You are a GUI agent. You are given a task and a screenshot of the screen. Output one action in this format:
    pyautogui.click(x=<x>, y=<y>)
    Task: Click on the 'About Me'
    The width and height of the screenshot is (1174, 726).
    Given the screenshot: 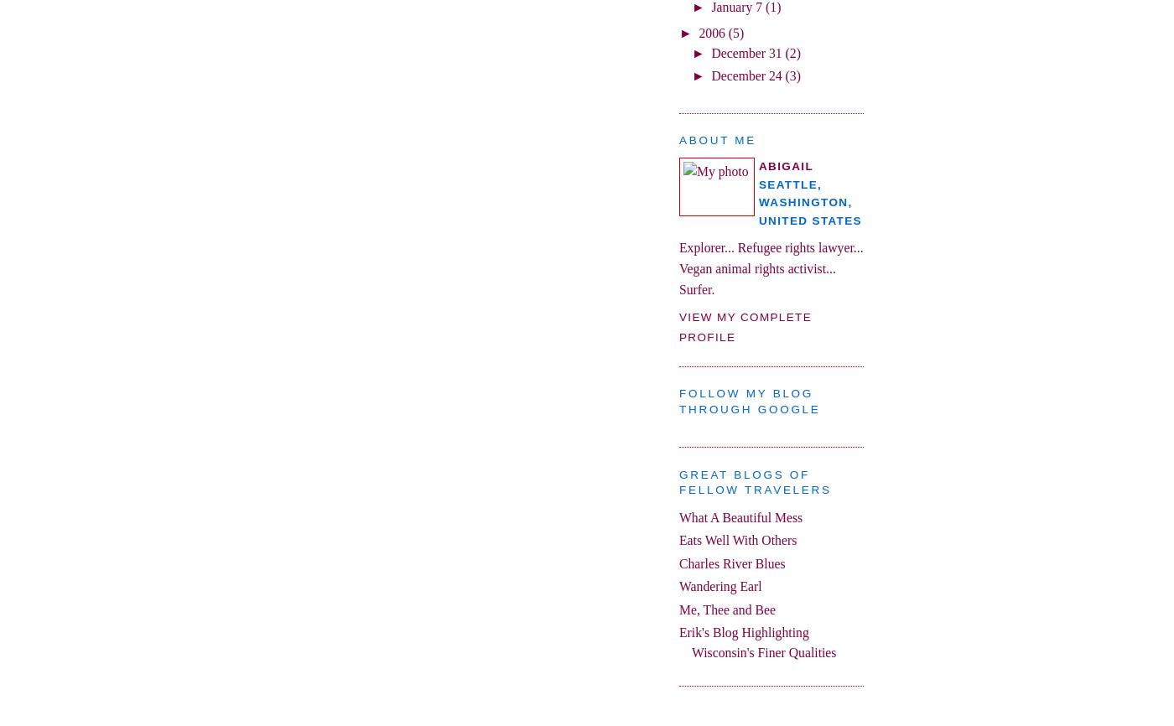 What is the action you would take?
    pyautogui.click(x=717, y=140)
    